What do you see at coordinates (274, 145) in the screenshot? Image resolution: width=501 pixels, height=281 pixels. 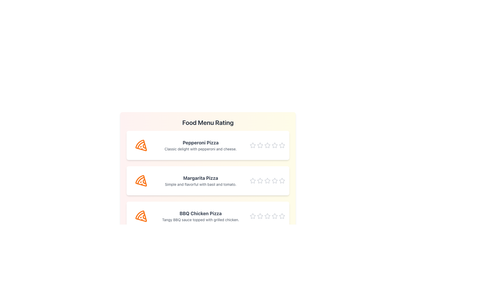 I see `the fourth star icon` at bounding box center [274, 145].